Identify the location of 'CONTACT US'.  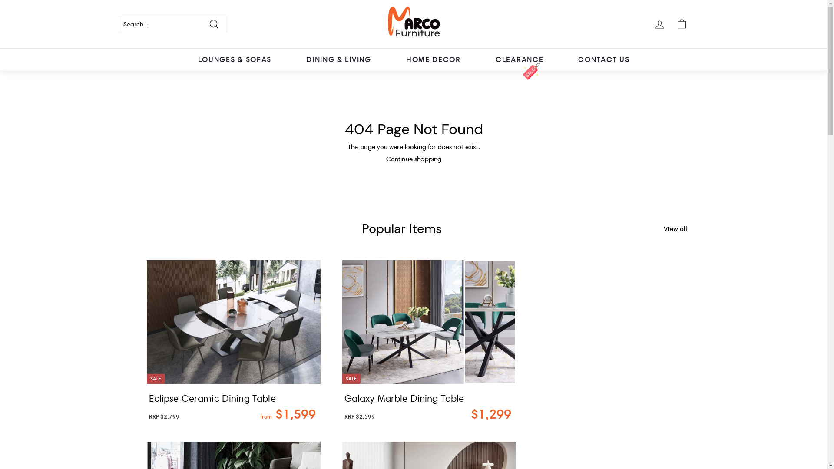
(603, 59).